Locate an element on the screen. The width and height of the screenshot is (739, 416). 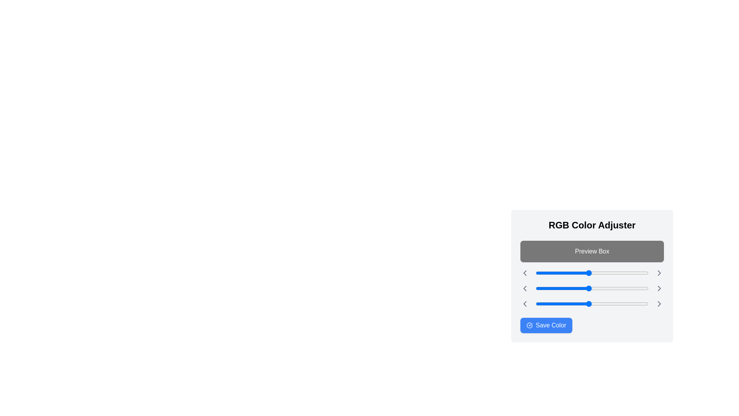
the red color slider to 109 (0-255) is located at coordinates (584, 273).